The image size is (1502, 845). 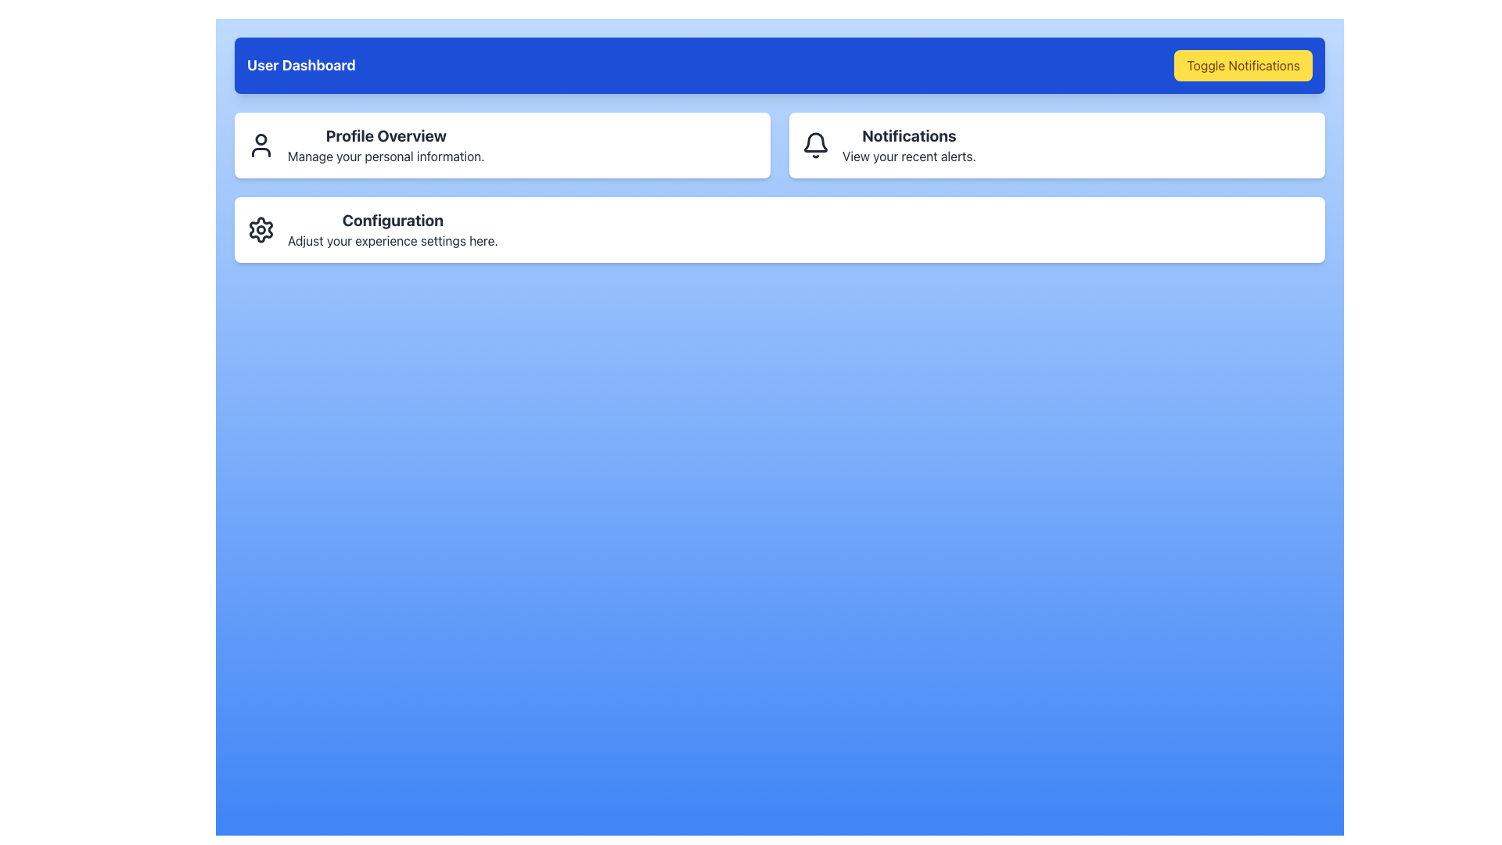 I want to click on the 'Profile Overview' text element, which is a bold, large title aligned to the left and positioned just beneath the 'User Dashboard' header, so click(x=386, y=135).